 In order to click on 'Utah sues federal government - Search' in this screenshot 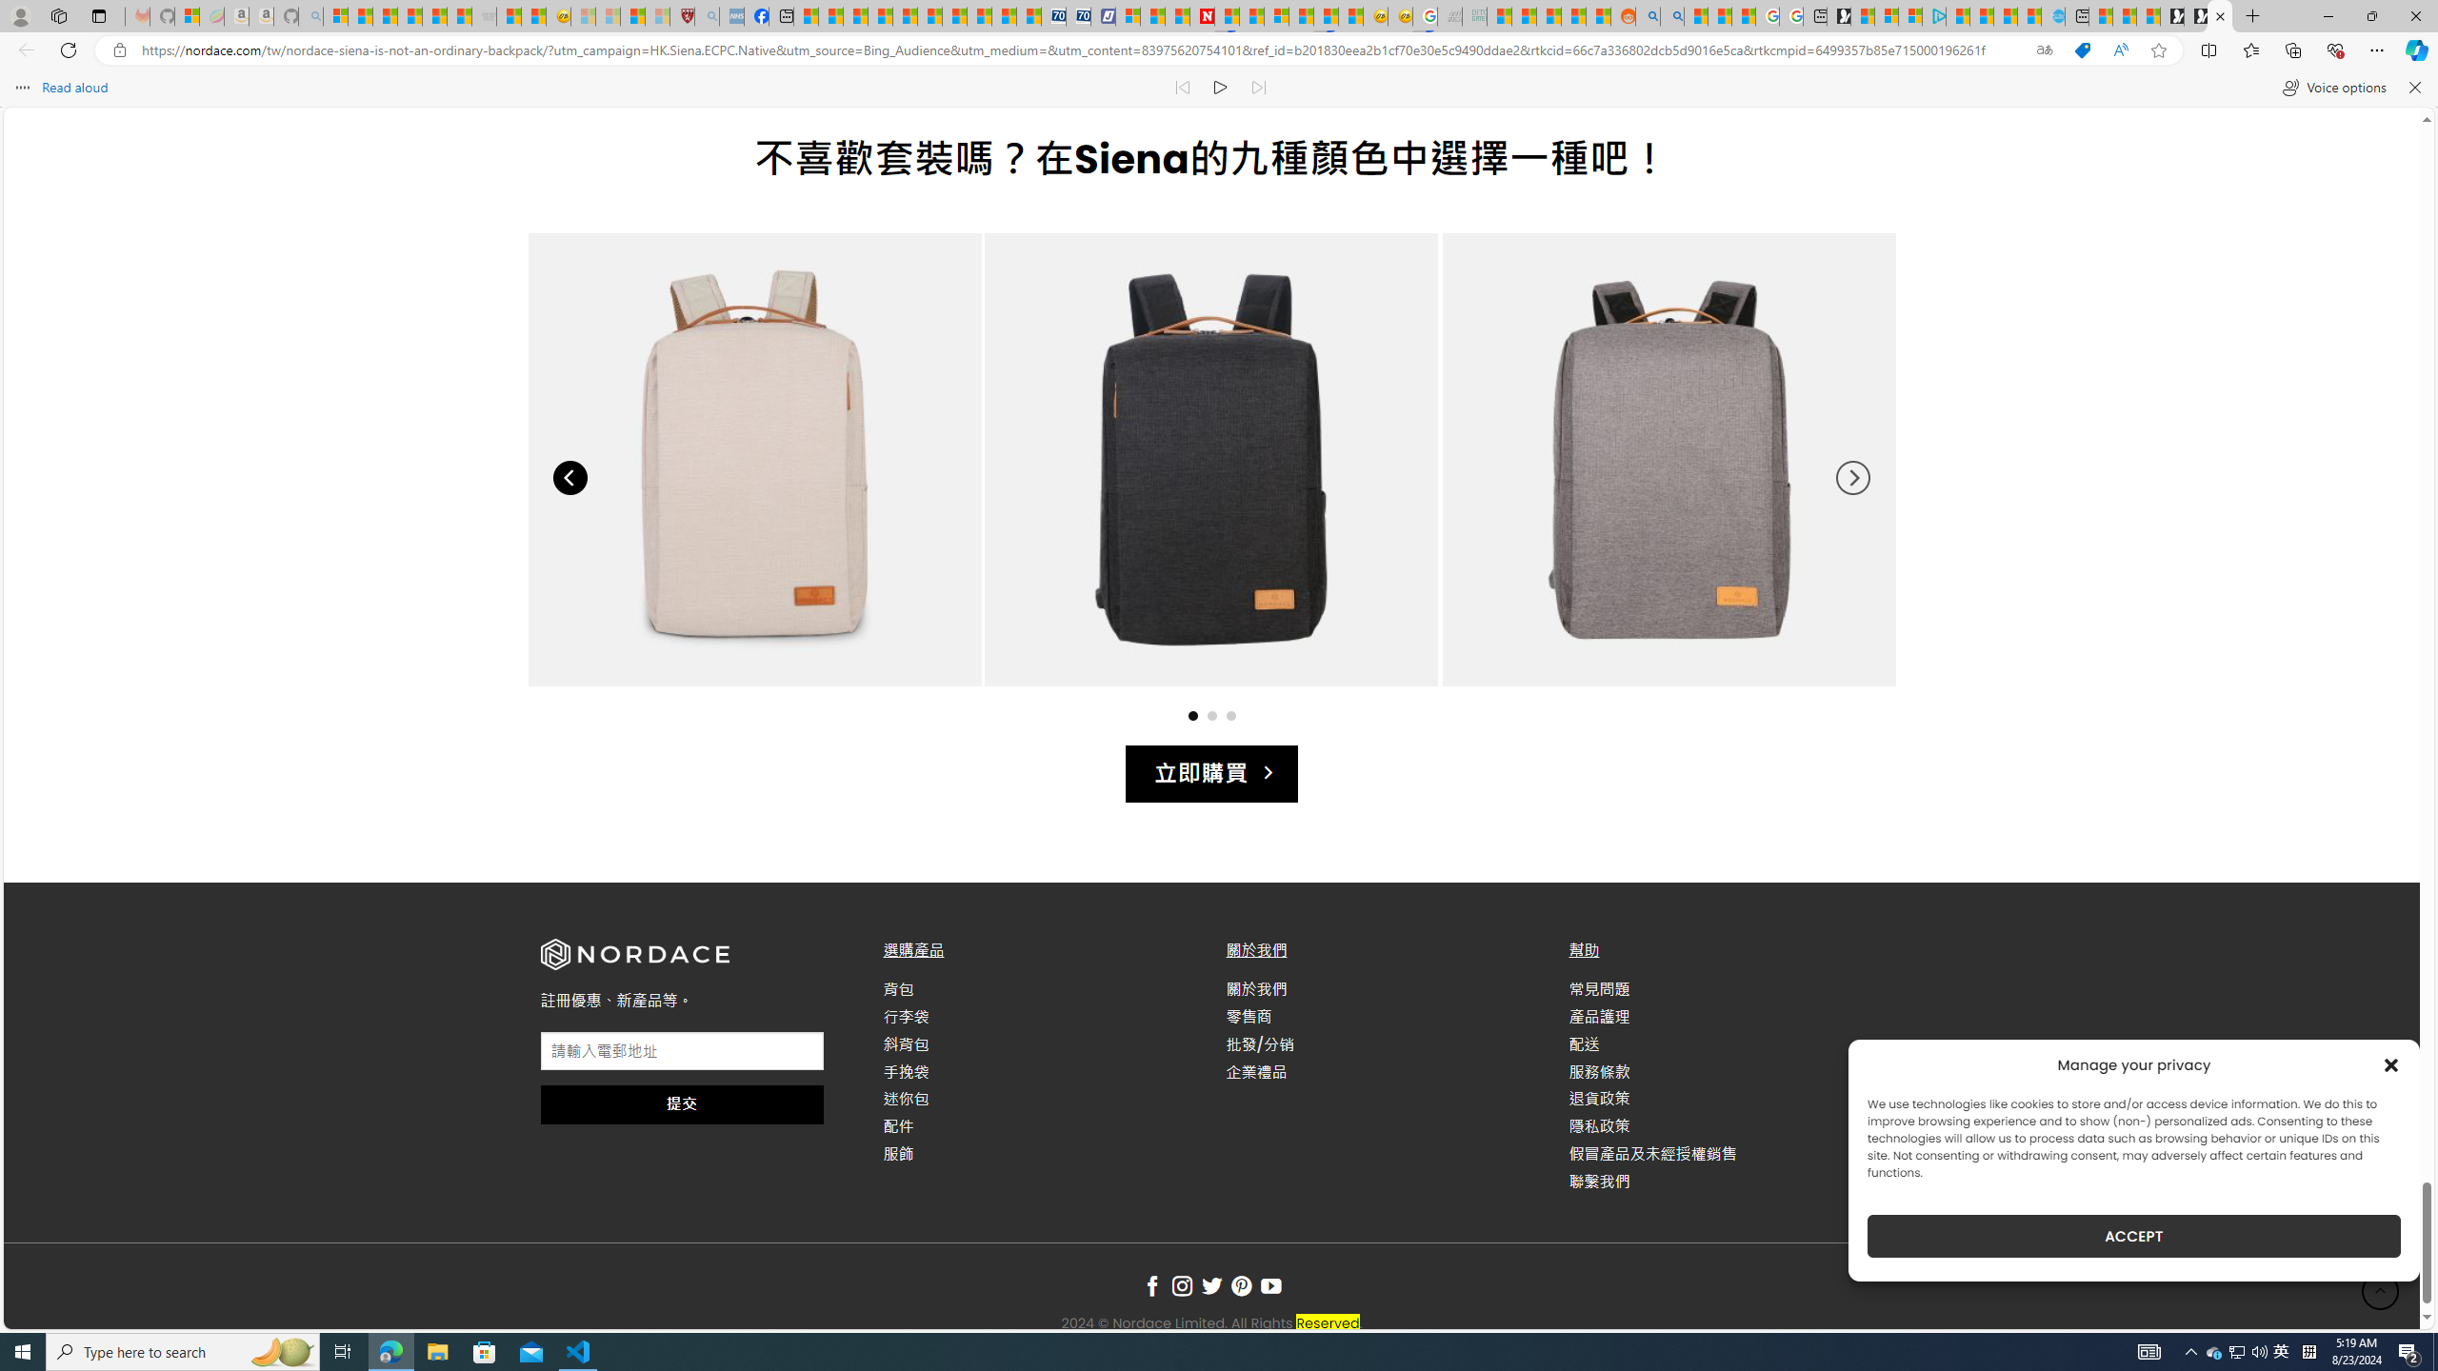, I will do `click(1672, 15)`.